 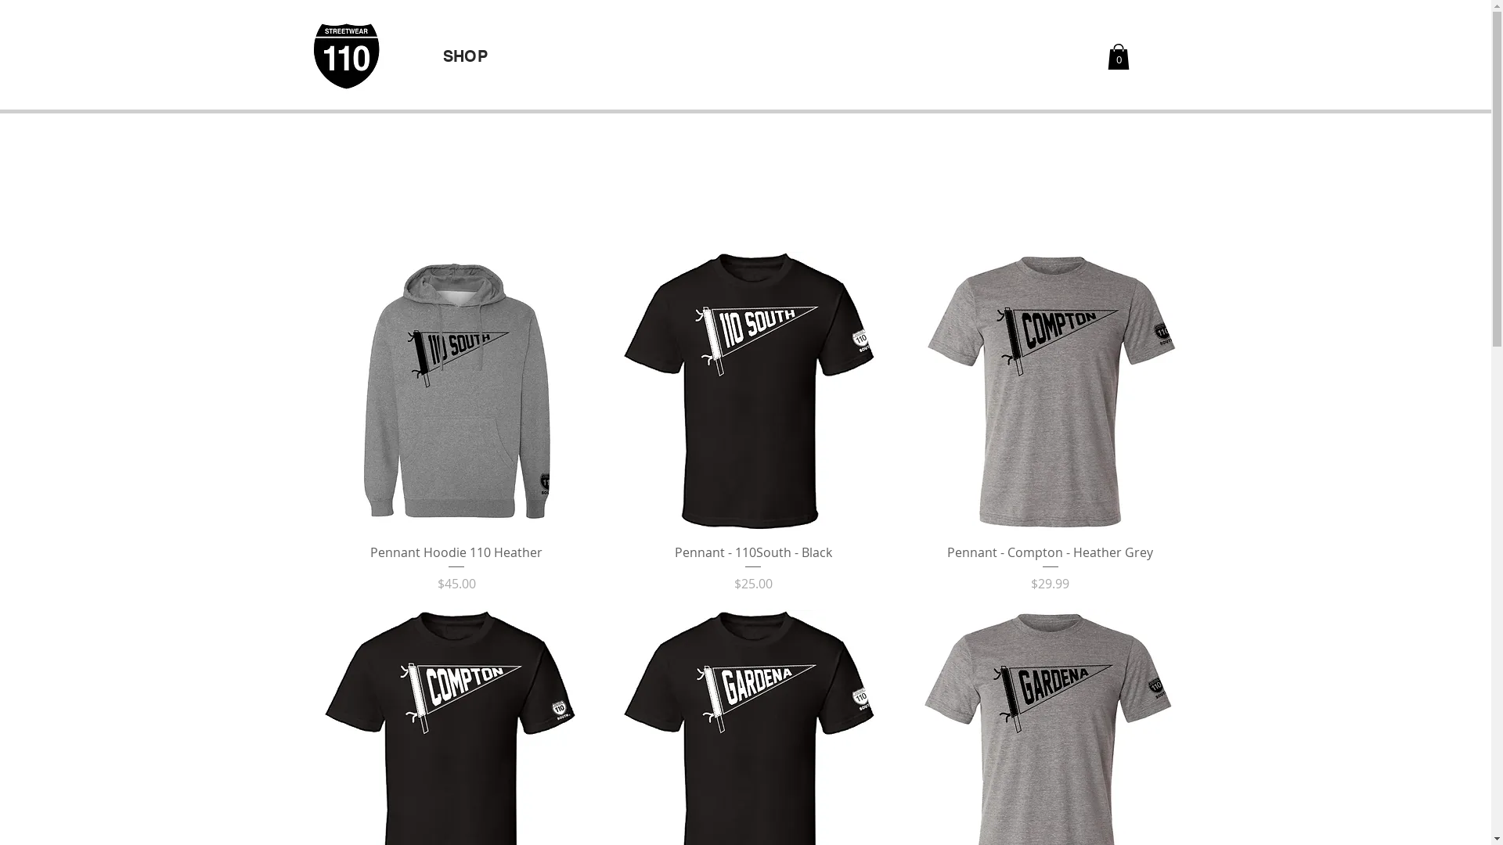 What do you see at coordinates (442, 55) in the screenshot?
I see `'SHOP'` at bounding box center [442, 55].